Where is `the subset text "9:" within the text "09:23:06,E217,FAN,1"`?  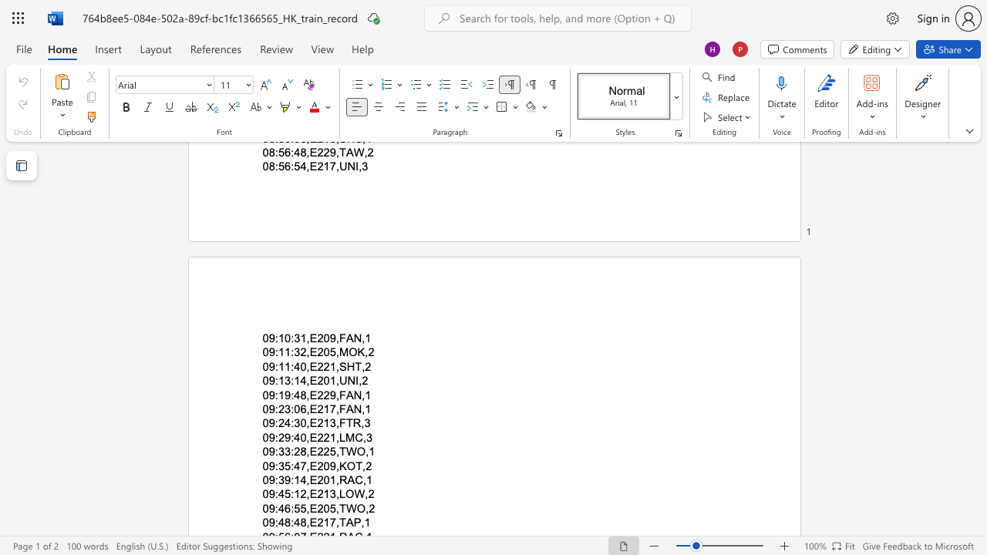 the subset text "9:" within the text "09:23:06,E217,FAN,1" is located at coordinates (268, 409).